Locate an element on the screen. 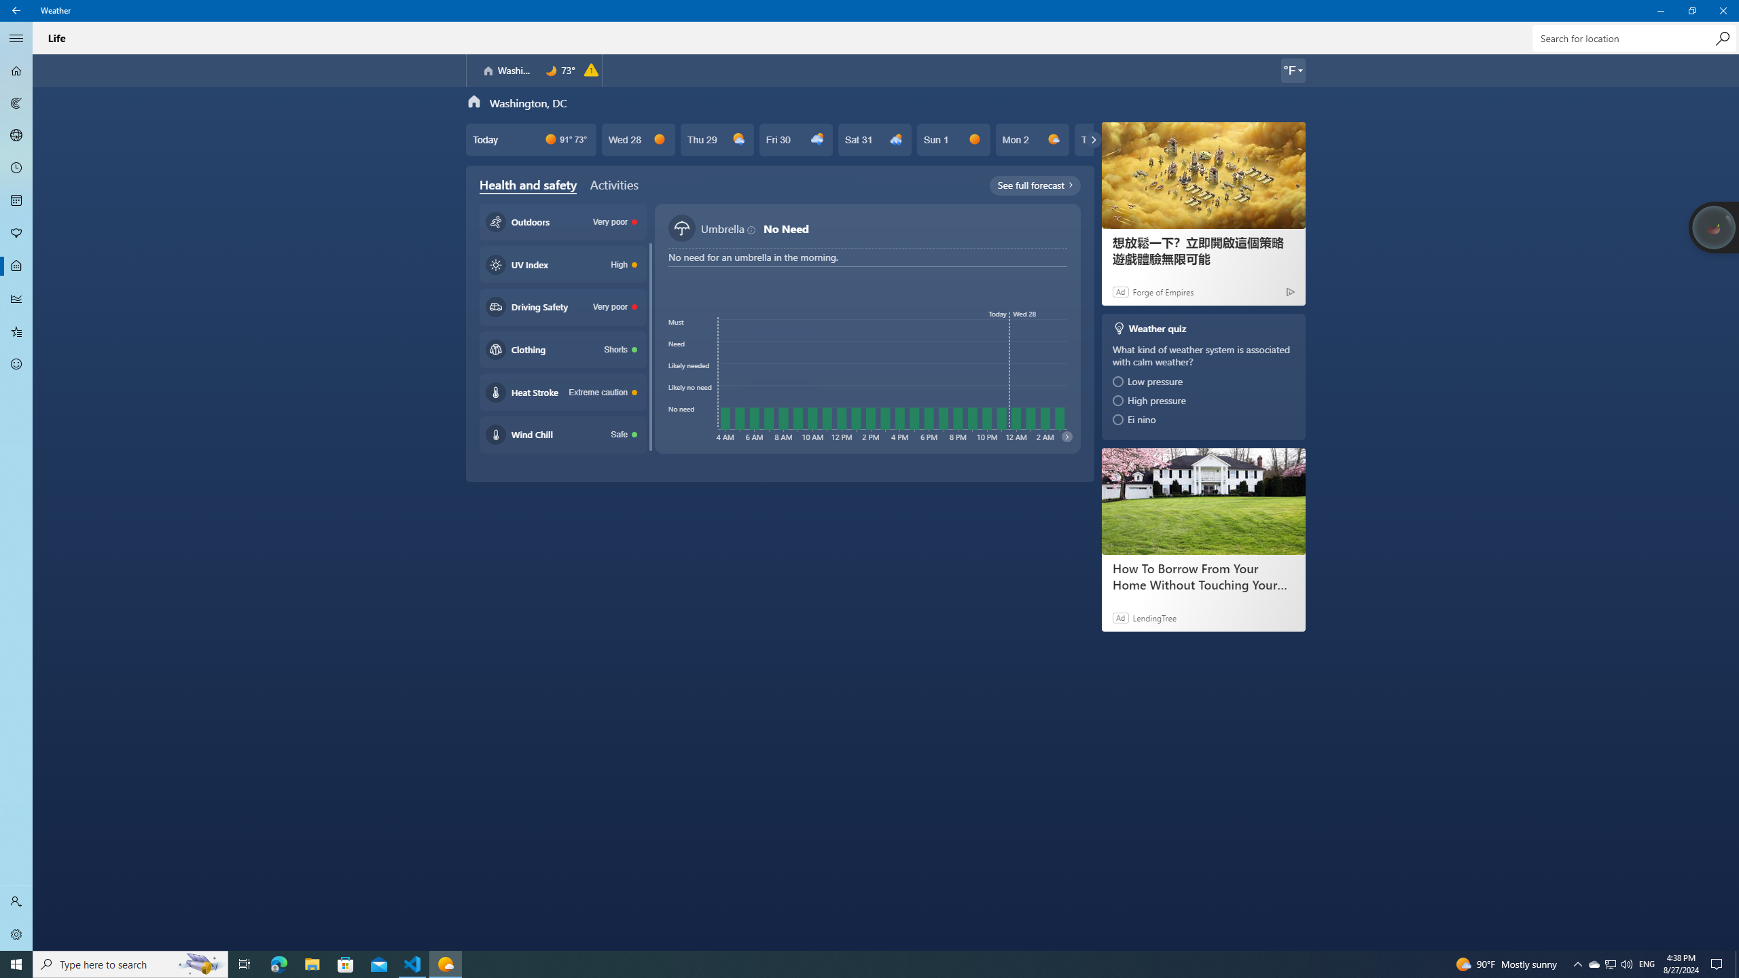 This screenshot has width=1739, height=978. '3D Maps - Not Selected' is located at coordinates (16, 135).